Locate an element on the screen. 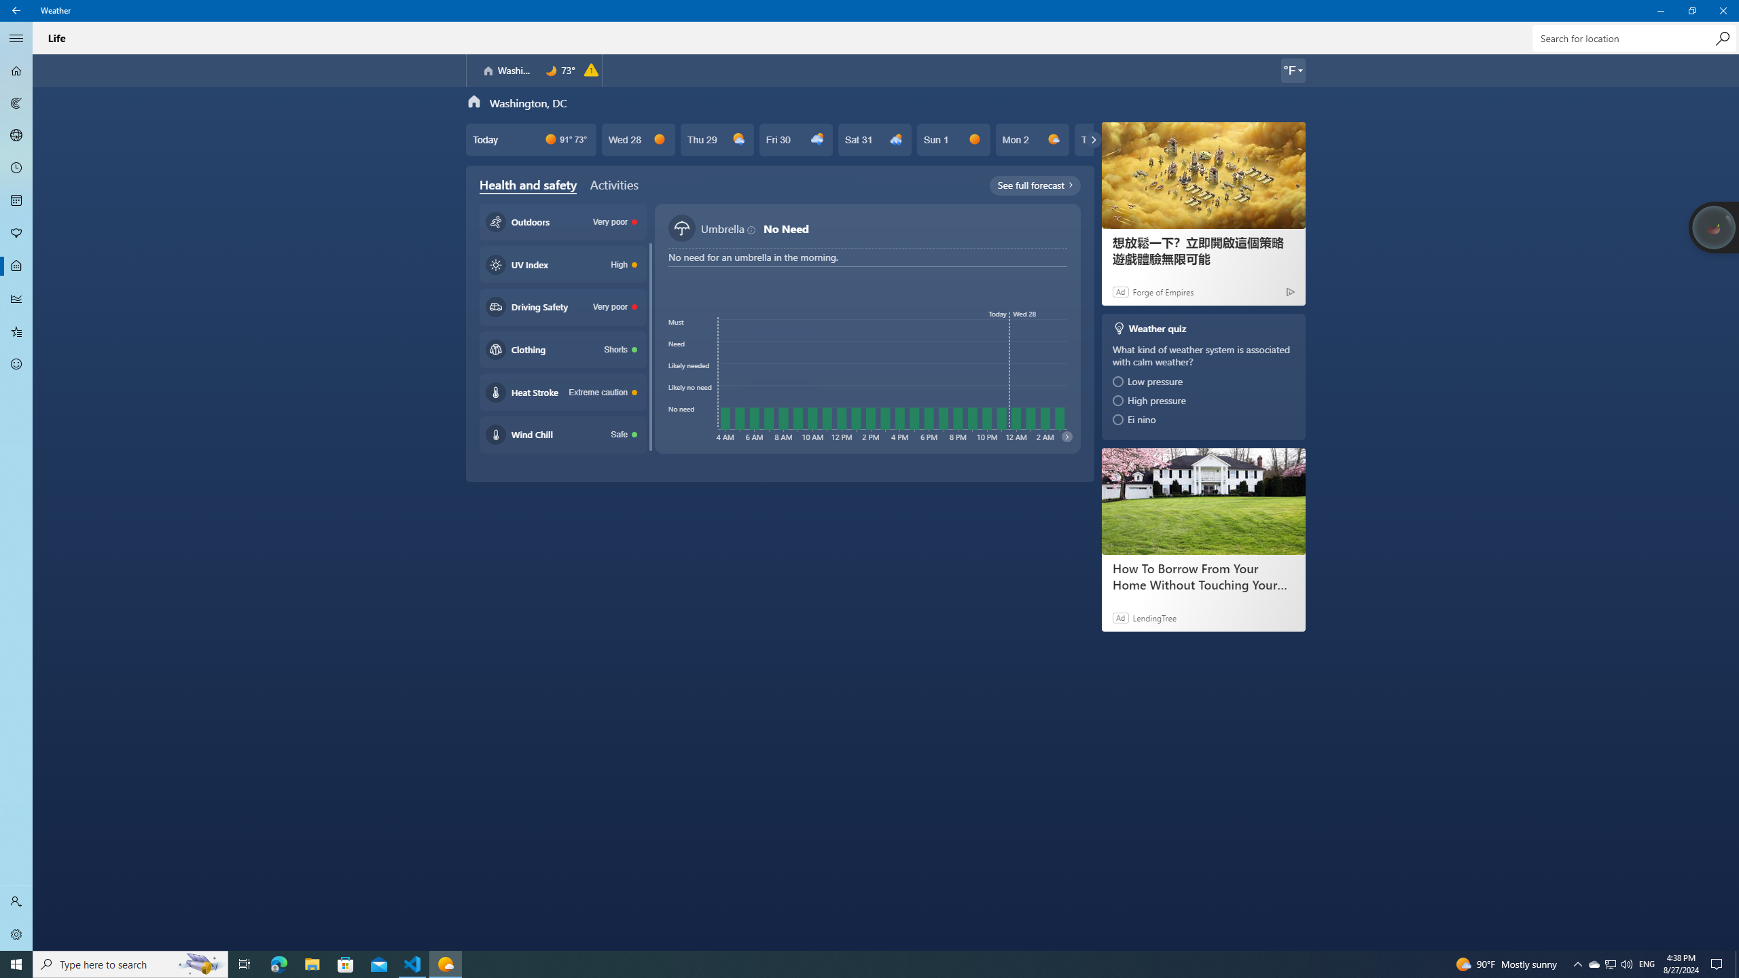 This screenshot has width=1739, height=978. '3D Maps - Not Selected' is located at coordinates (16, 135).